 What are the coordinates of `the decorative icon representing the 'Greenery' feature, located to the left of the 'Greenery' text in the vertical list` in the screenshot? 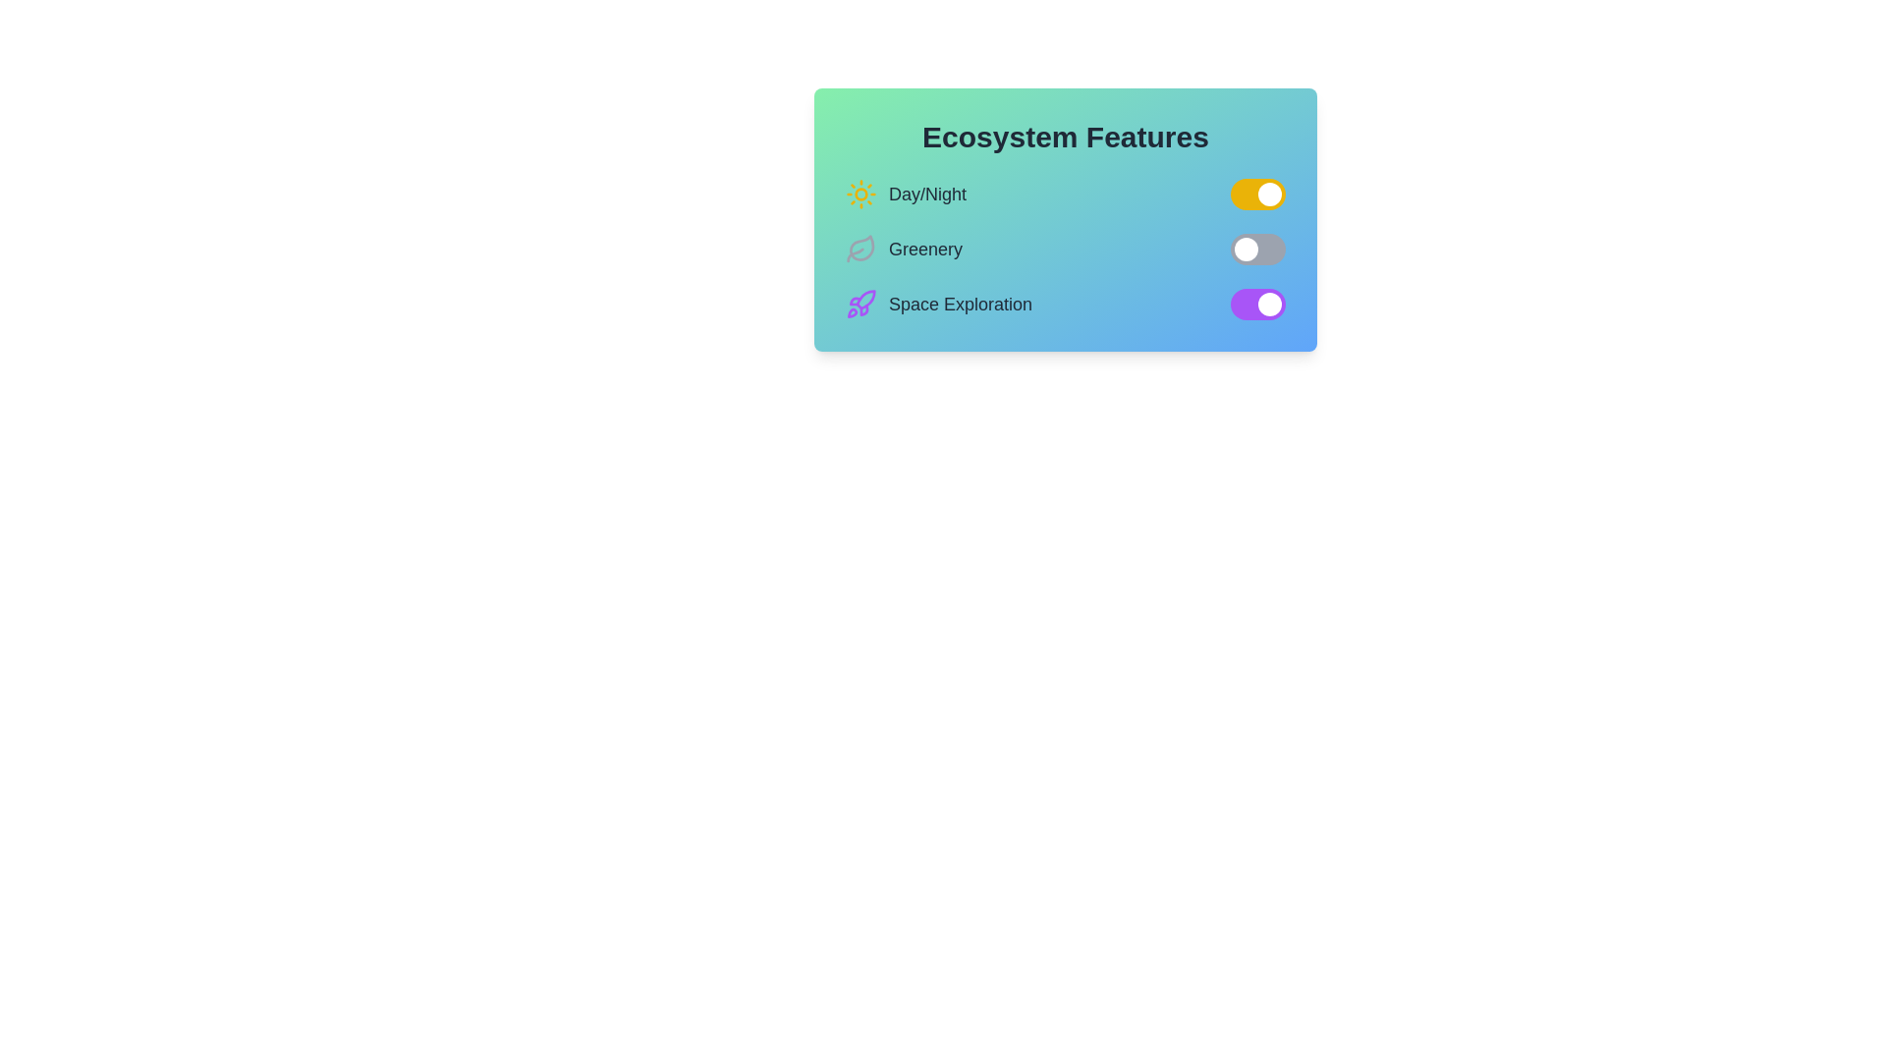 It's located at (861, 249).